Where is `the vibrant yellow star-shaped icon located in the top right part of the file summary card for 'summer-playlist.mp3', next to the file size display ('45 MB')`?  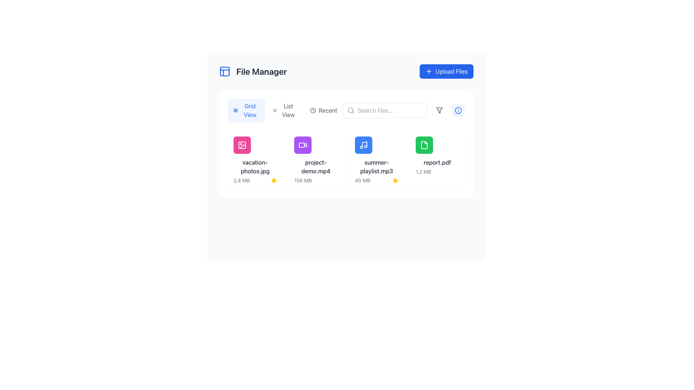 the vibrant yellow star-shaped icon located in the top right part of the file summary card for 'summer-playlist.mp3', next to the file size display ('45 MB') is located at coordinates (395, 180).